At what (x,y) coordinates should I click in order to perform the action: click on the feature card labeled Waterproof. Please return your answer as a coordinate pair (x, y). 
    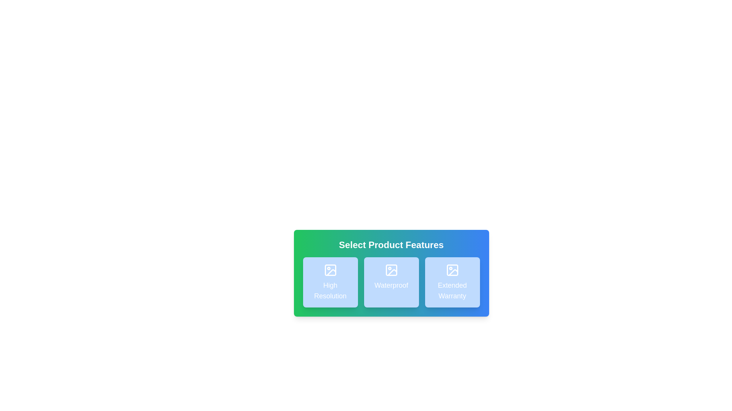
    Looking at the image, I should click on (391, 282).